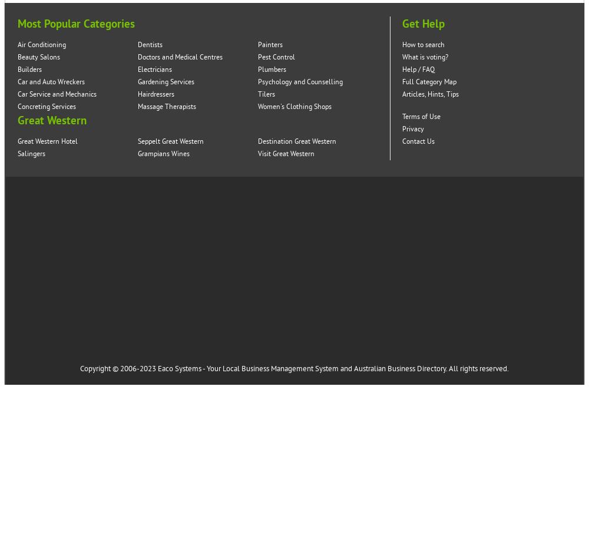  Describe the element at coordinates (180, 57) in the screenshot. I see `'Doctors and Medical Centres'` at that location.